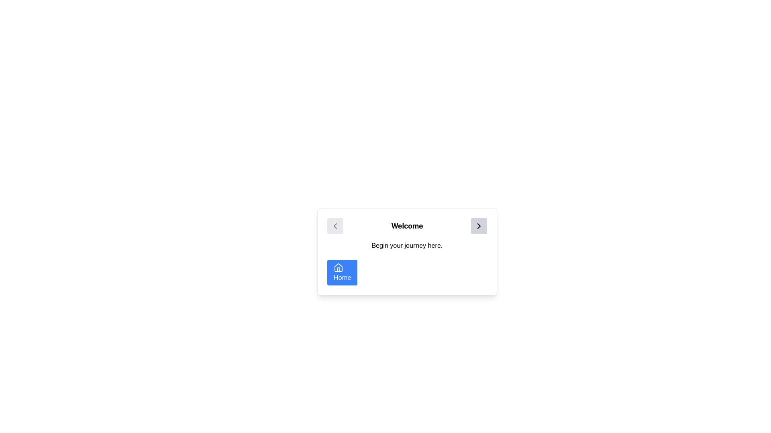 The width and height of the screenshot is (771, 433). What do you see at coordinates (479, 226) in the screenshot?
I see `the rightward chevron icon located inside the rightmost button of the navigational buttons, which is positioned at the top-right corner of the card-like UI component` at bounding box center [479, 226].